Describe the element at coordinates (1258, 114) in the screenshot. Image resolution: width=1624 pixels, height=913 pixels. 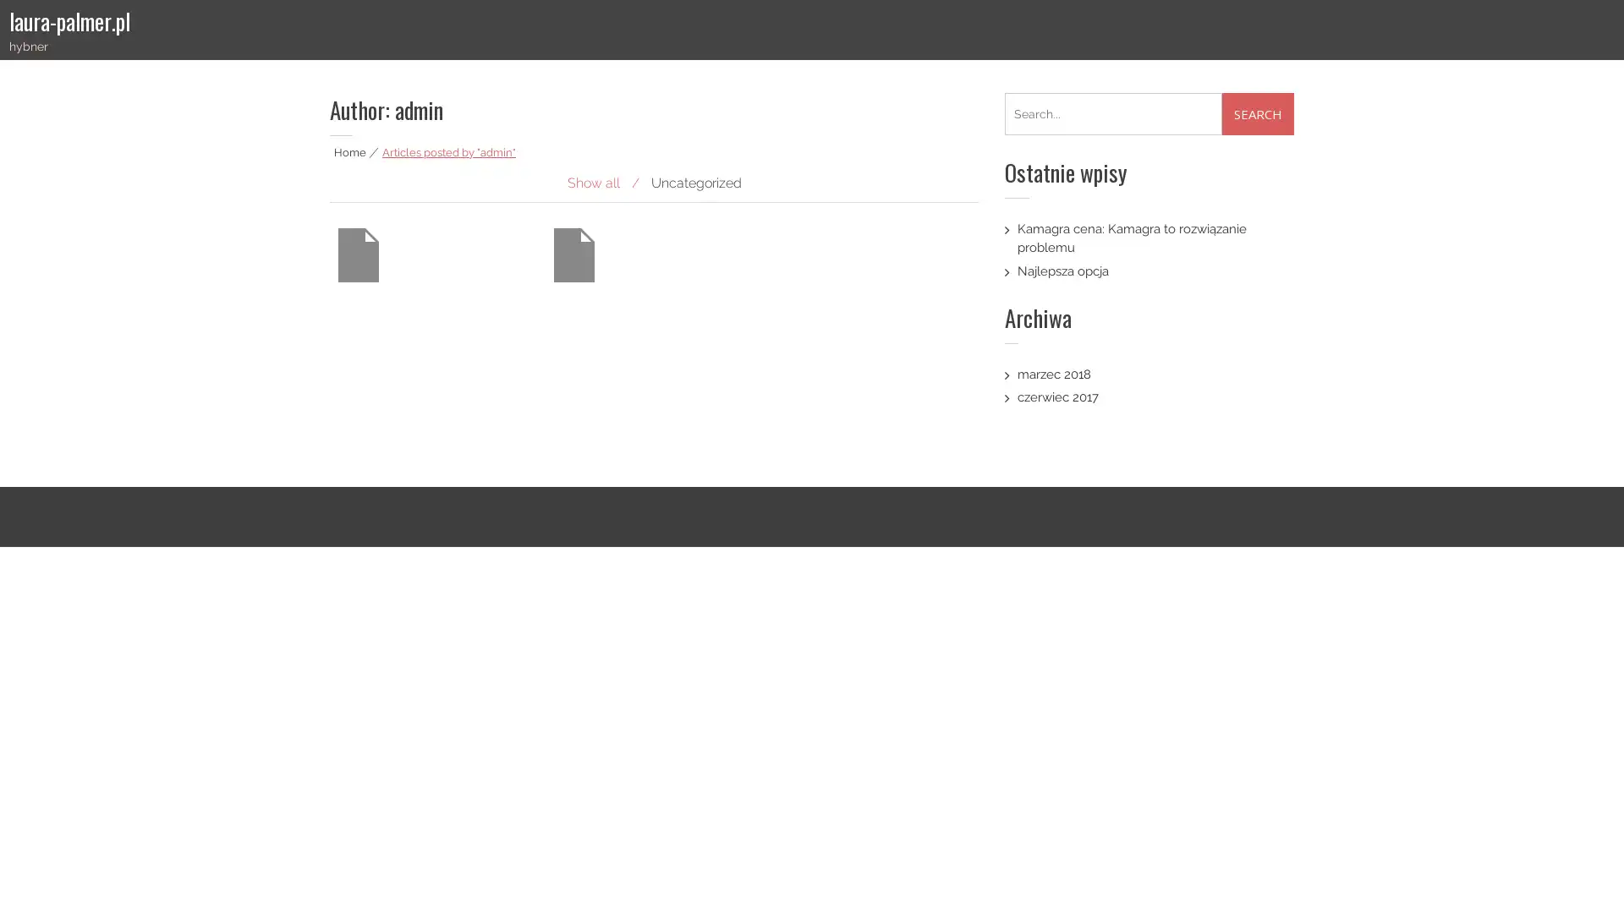
I see `Search` at that location.